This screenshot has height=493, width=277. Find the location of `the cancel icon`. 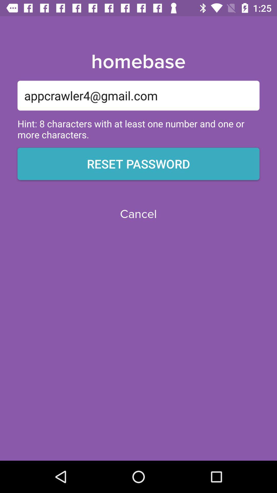

the cancel icon is located at coordinates (138, 214).